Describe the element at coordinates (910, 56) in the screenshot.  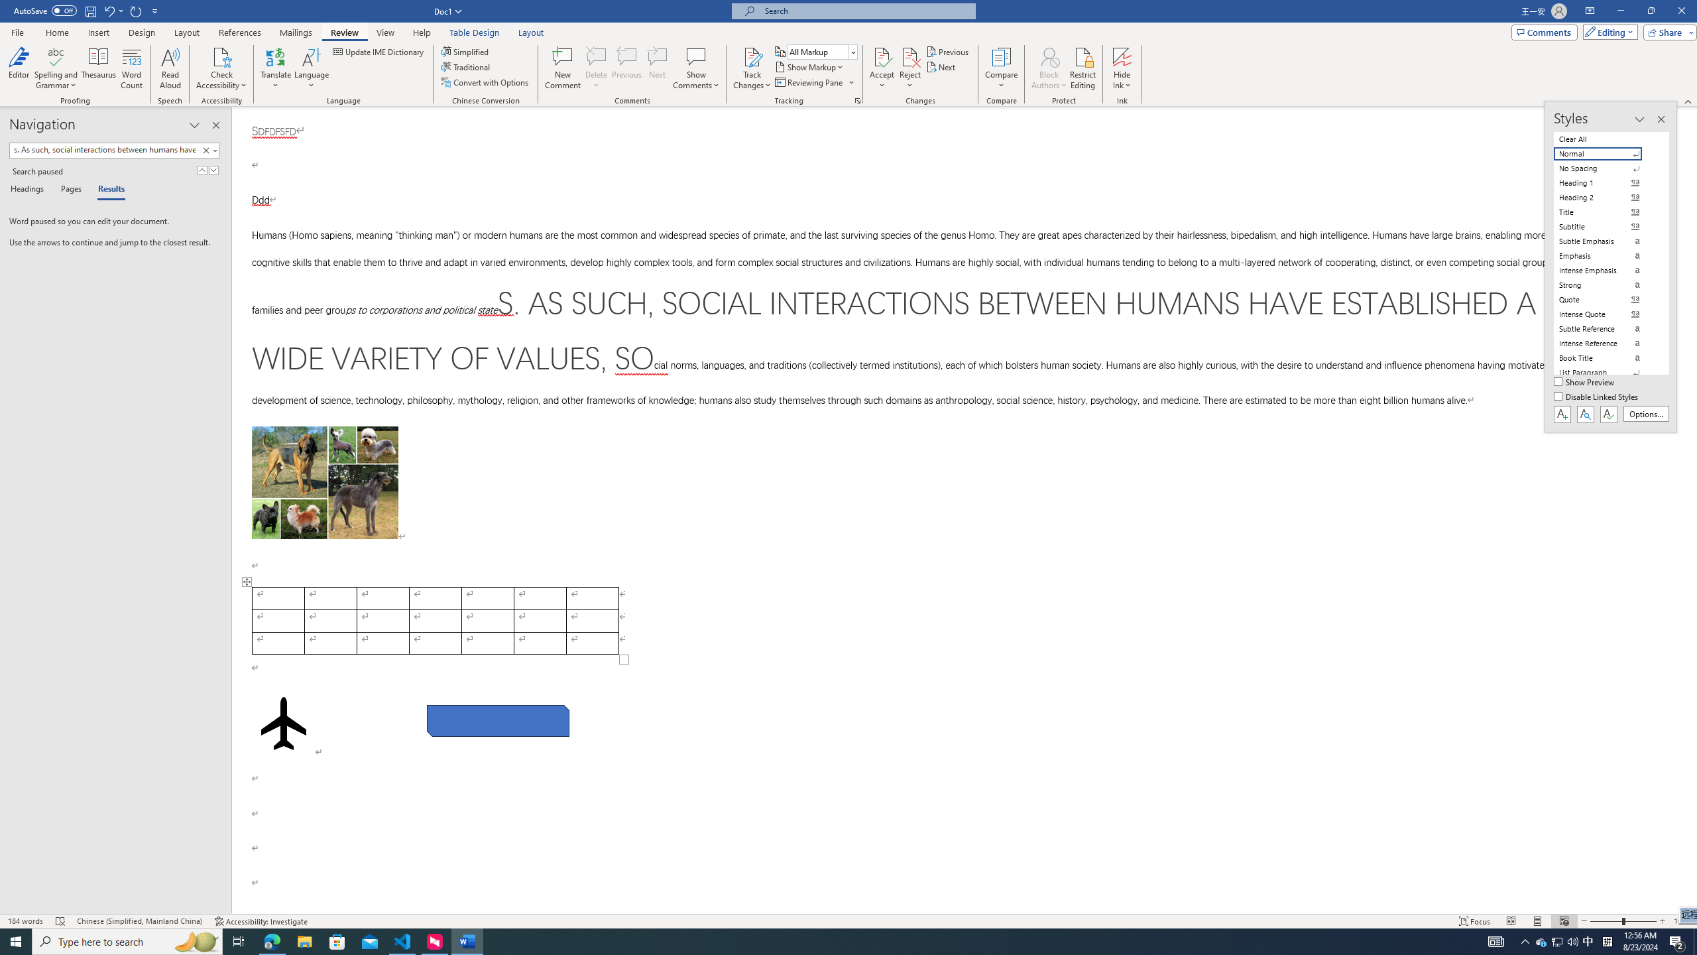
I see `'Reject and Move to Next'` at that location.